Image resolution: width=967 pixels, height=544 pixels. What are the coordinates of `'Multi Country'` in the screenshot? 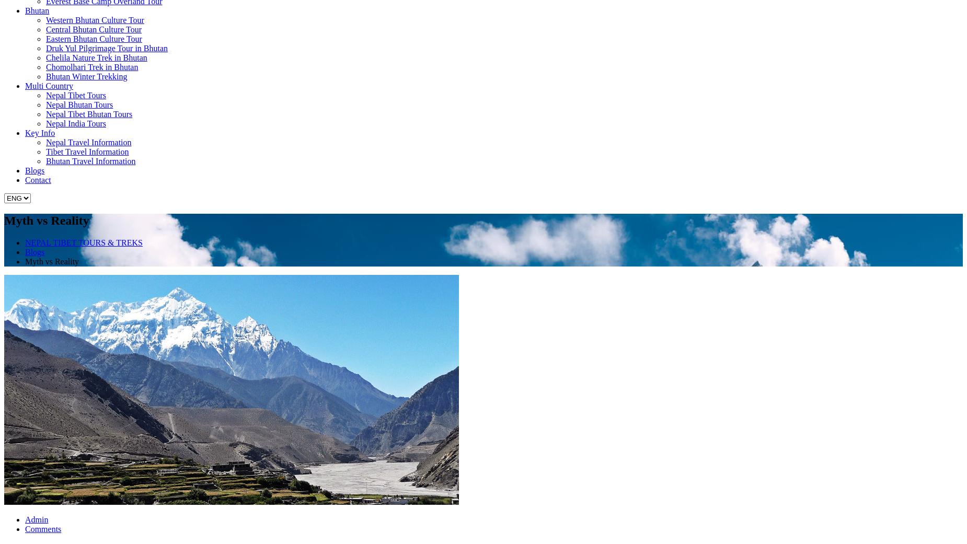 It's located at (48, 86).